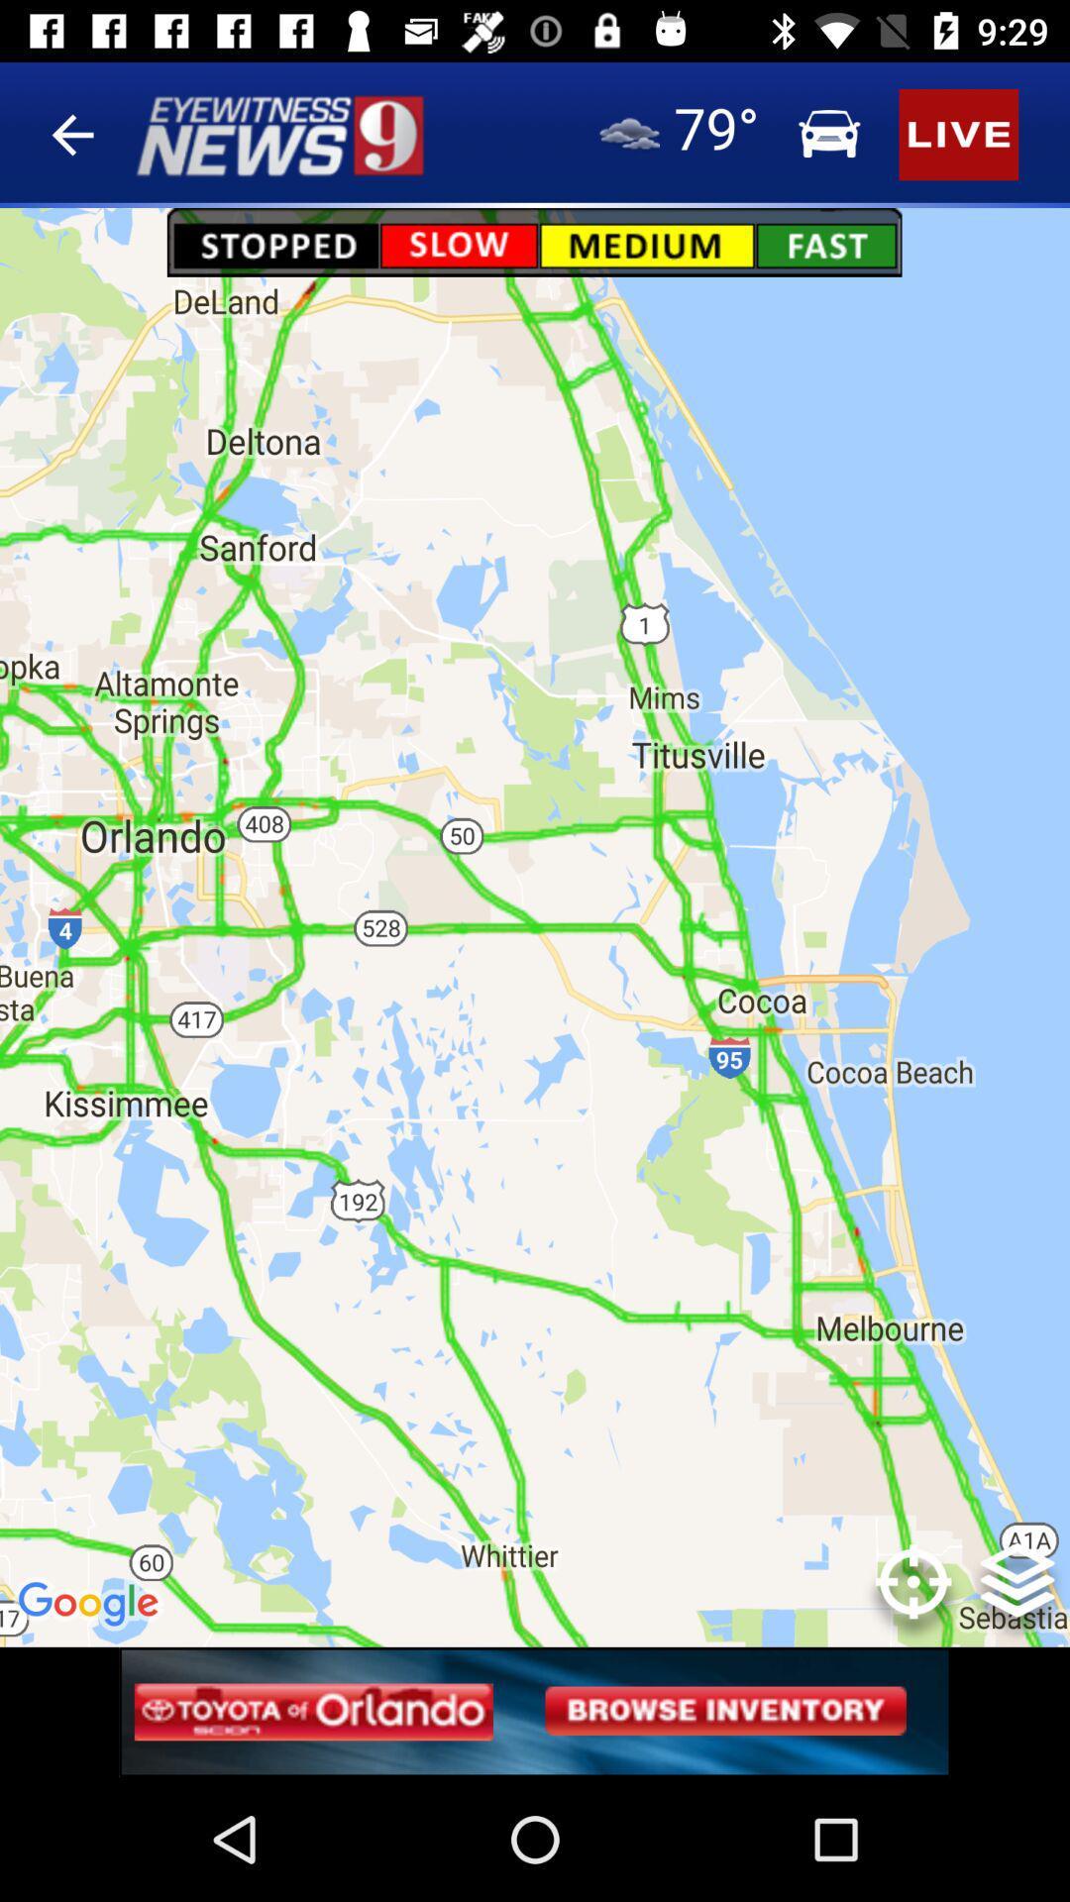 This screenshot has height=1902, width=1070. I want to click on the location_crosshair icon, so click(913, 1595).